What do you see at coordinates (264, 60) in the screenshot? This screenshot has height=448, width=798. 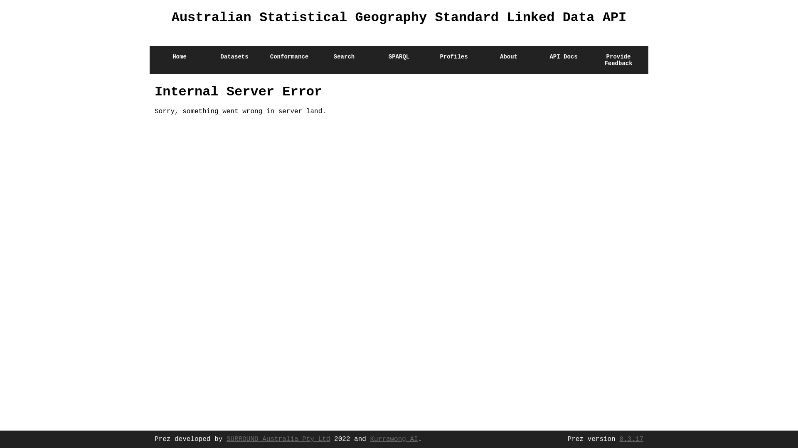 I see `'Conformance'` at bounding box center [264, 60].